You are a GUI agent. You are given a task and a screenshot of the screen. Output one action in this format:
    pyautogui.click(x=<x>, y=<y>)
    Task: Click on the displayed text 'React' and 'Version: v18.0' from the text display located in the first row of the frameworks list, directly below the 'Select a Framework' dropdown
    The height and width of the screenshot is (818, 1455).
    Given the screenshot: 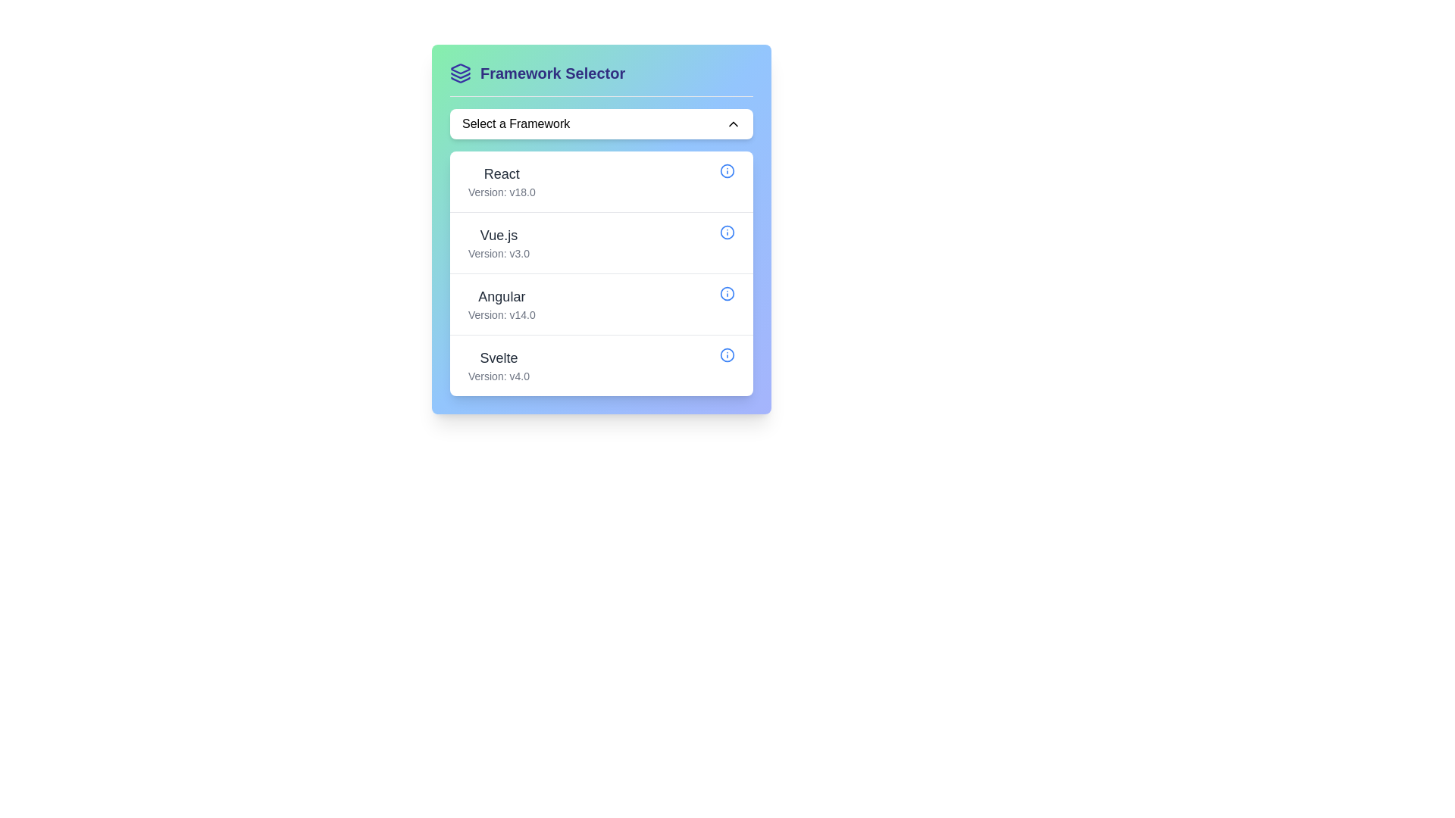 What is the action you would take?
    pyautogui.click(x=502, y=180)
    